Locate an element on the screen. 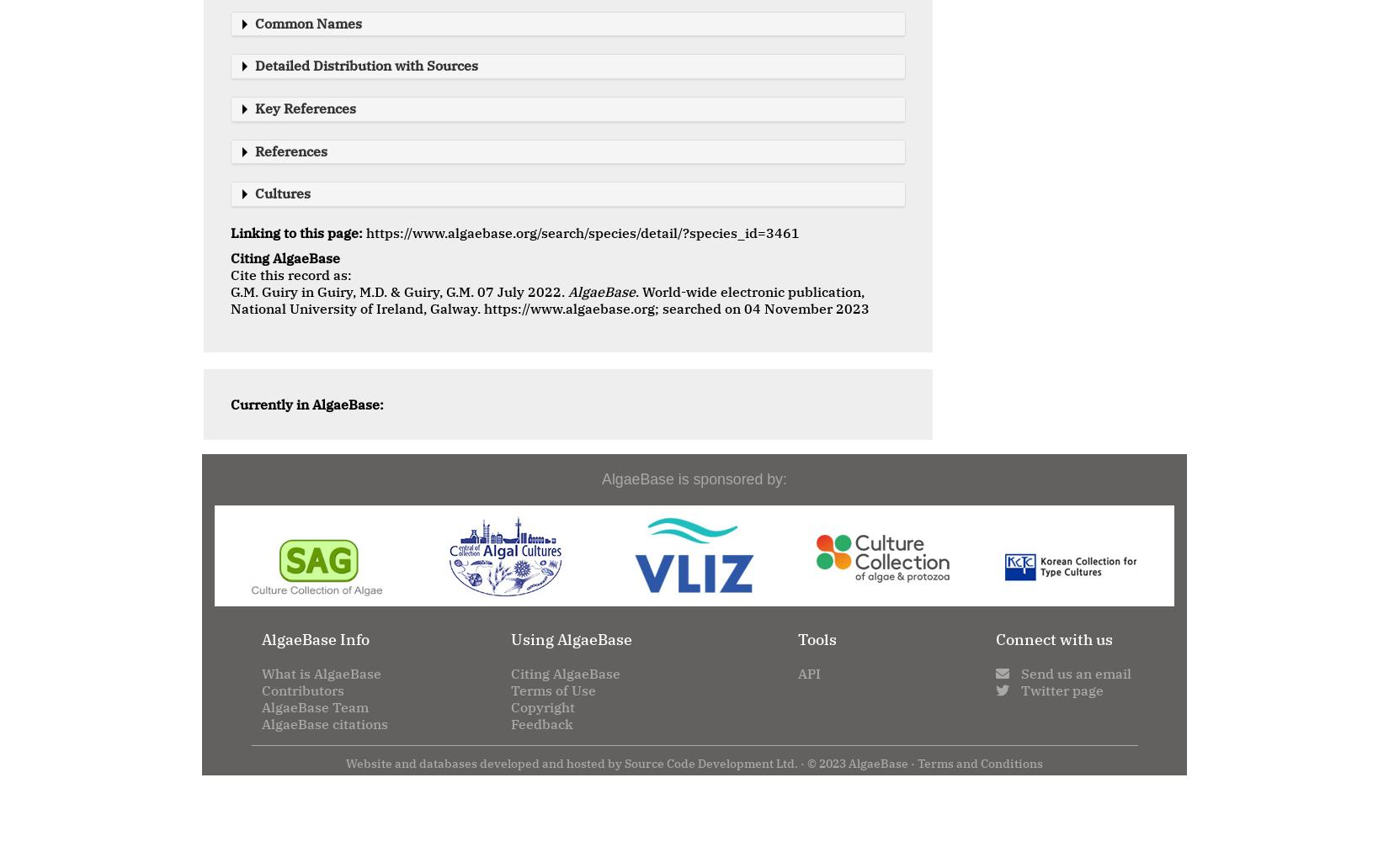  'What is AlgaeBase' is located at coordinates (262, 673).